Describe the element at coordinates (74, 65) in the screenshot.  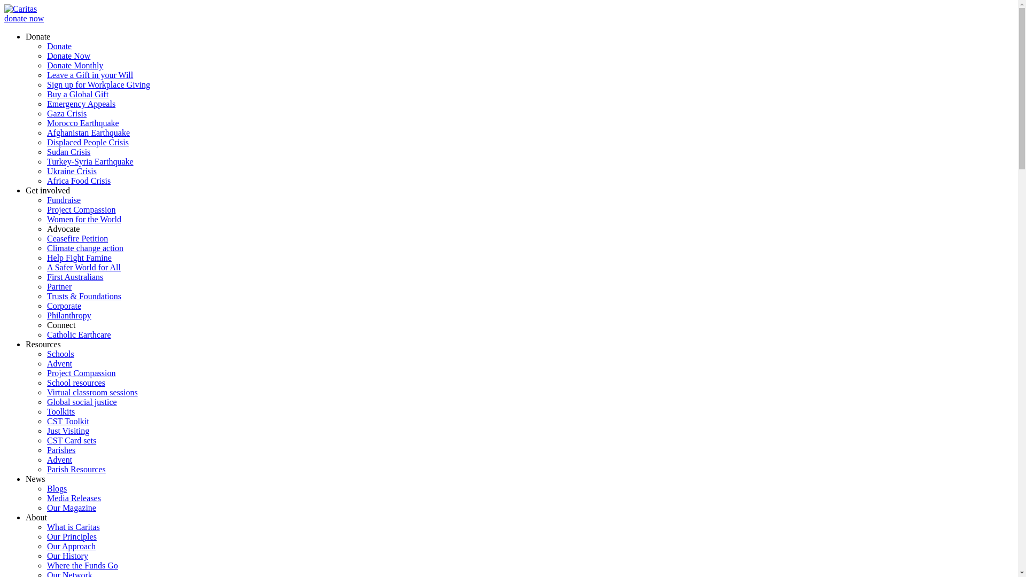
I see `'Donate Monthly'` at that location.